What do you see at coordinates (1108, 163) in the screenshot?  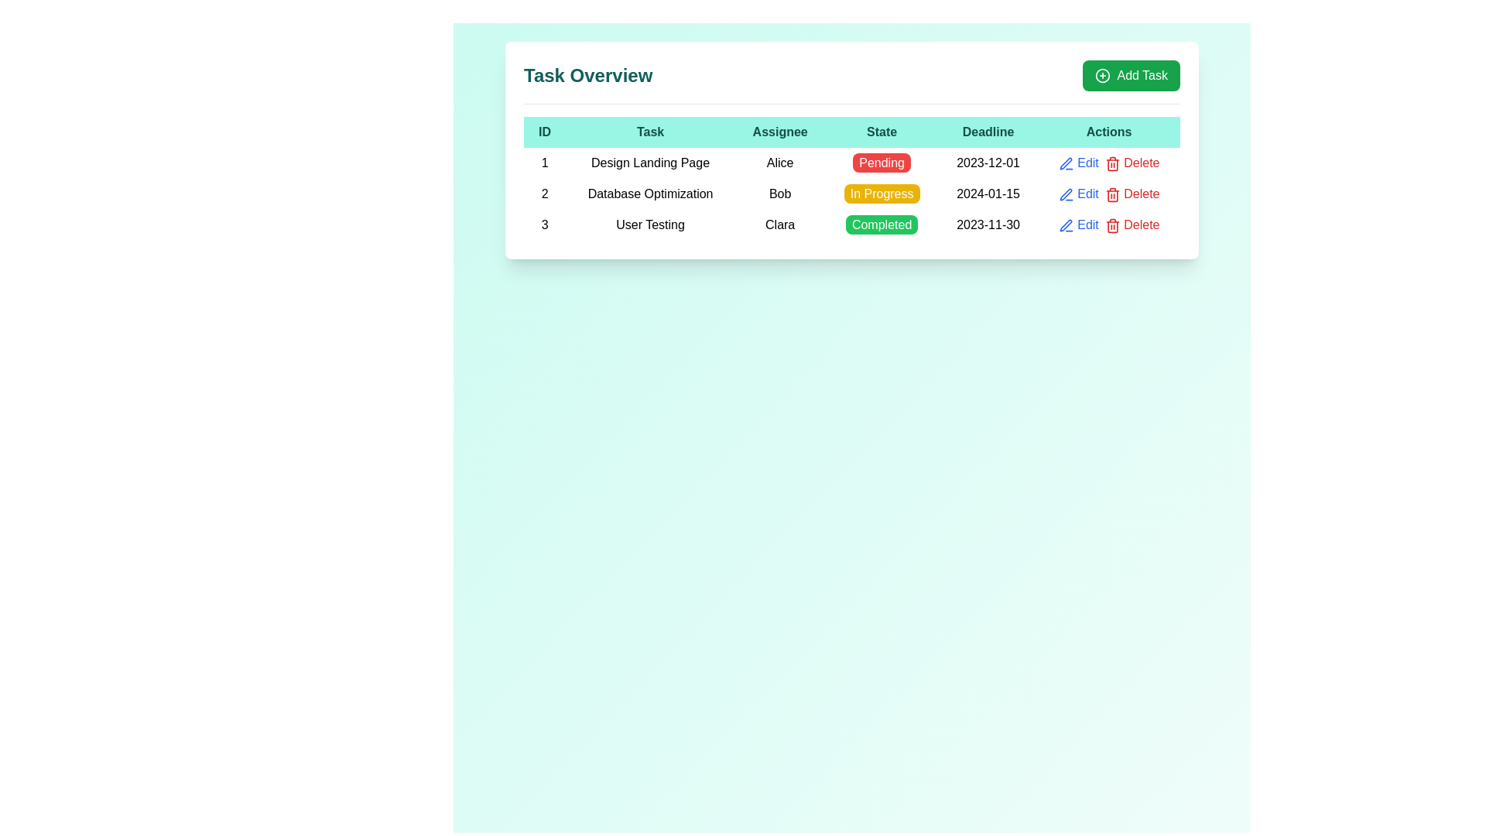 I see `the 'Delete' link in the Actions column of the first row in the task table` at bounding box center [1108, 163].